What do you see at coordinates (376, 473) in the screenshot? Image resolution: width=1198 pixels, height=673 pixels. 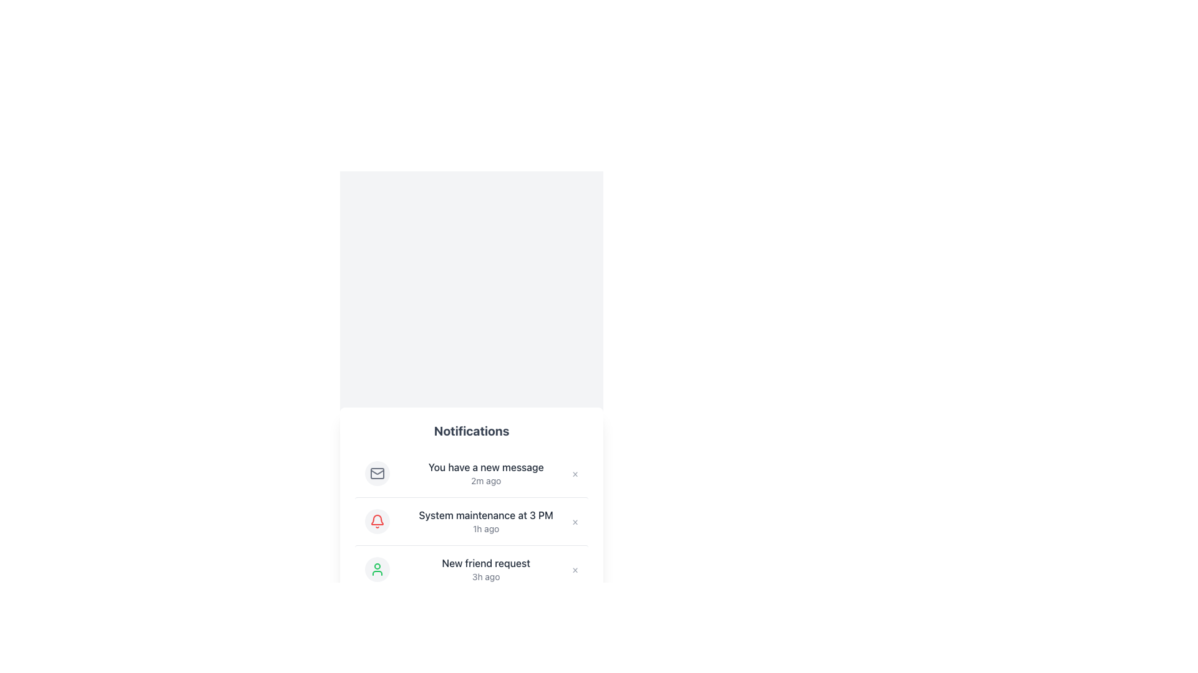 I see `the mail icon represented by an outlined envelope graphic, located near the top left of the first notification item with the title 'You have a new message'` at bounding box center [376, 473].